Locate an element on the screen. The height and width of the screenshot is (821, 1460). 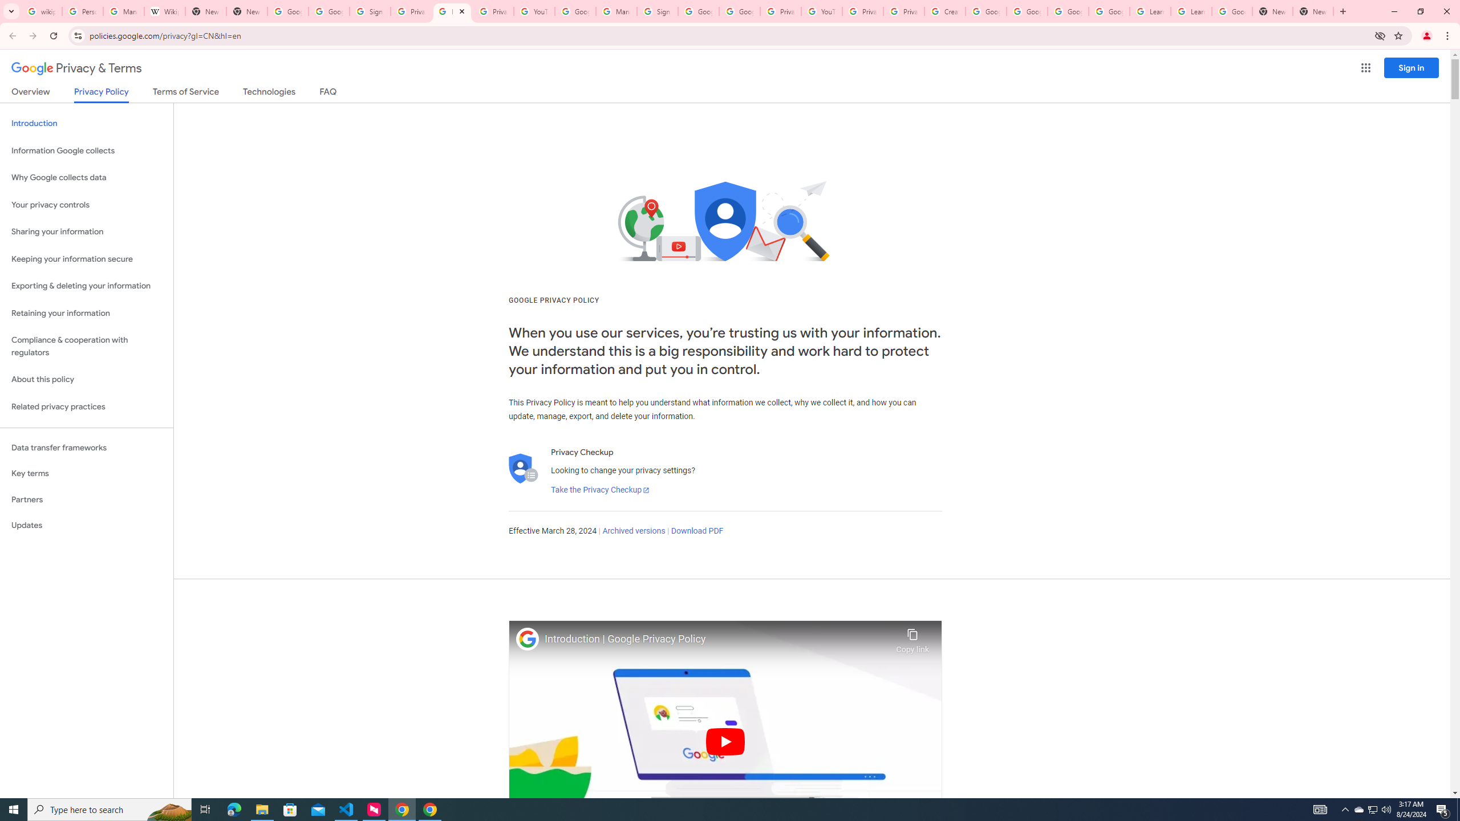
'Technologies' is located at coordinates (269, 94).